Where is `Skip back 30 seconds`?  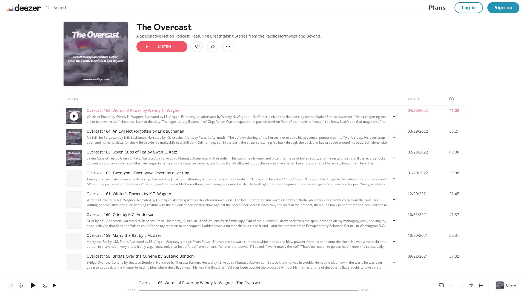
Skip back 30 seconds is located at coordinates (21, 285).